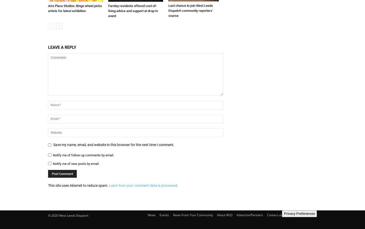 This screenshot has height=229, width=365. I want to click on 'Learn how your comment data is processed', so click(143, 185).